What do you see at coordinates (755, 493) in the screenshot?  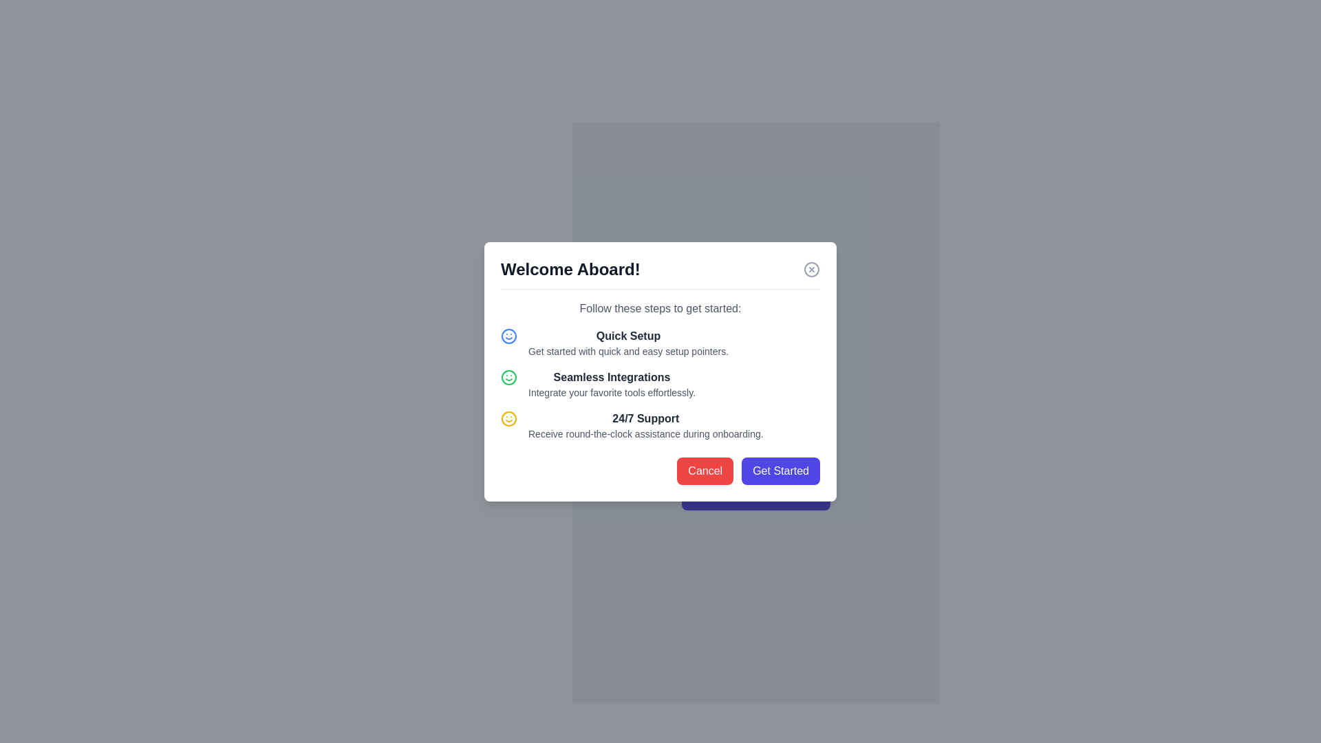 I see `the onboarding button located at the bottom of the modal` at bounding box center [755, 493].